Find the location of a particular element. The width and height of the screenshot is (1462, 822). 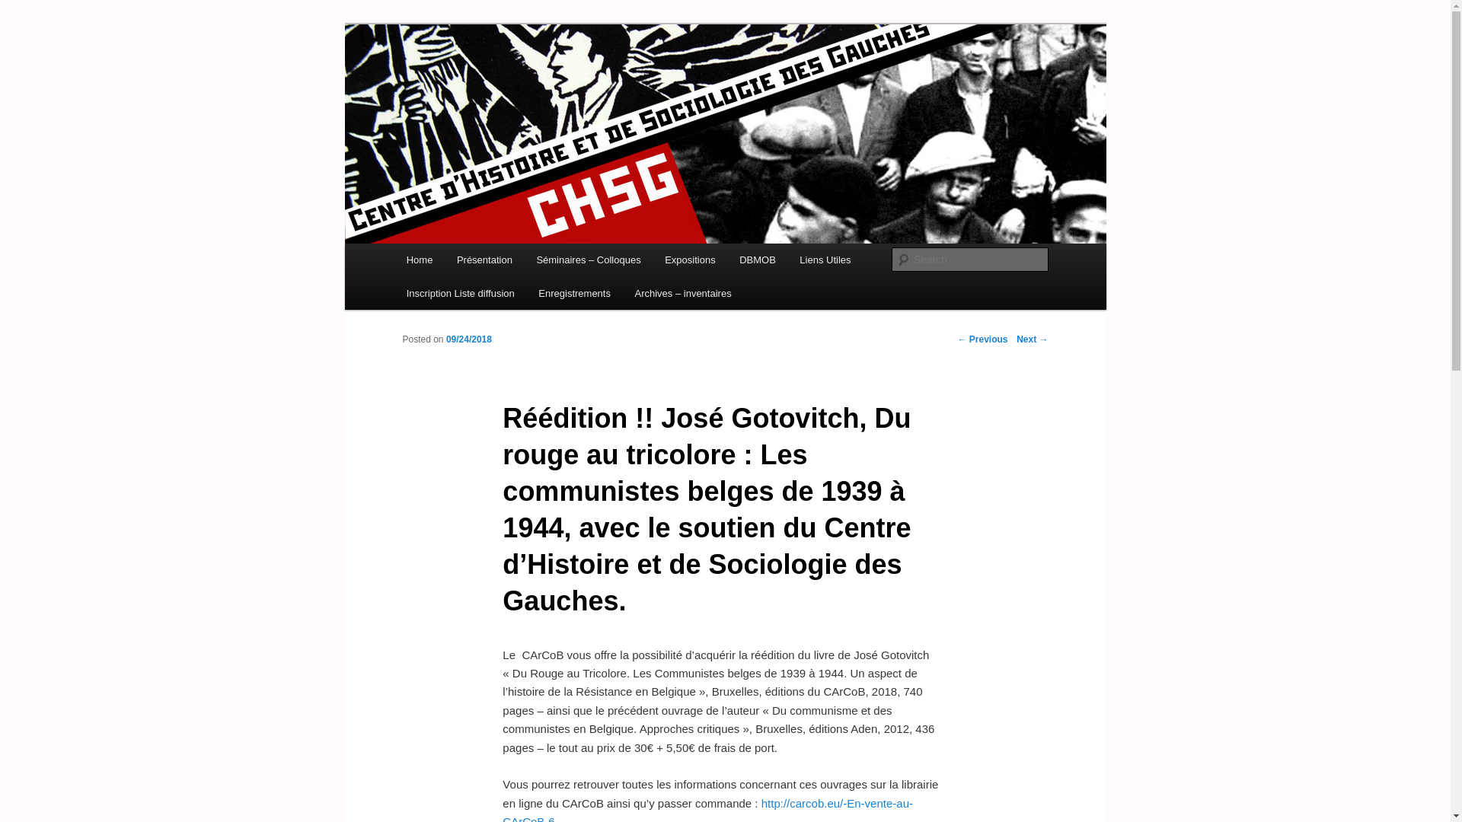

'09/24/2018' is located at coordinates (445, 339).